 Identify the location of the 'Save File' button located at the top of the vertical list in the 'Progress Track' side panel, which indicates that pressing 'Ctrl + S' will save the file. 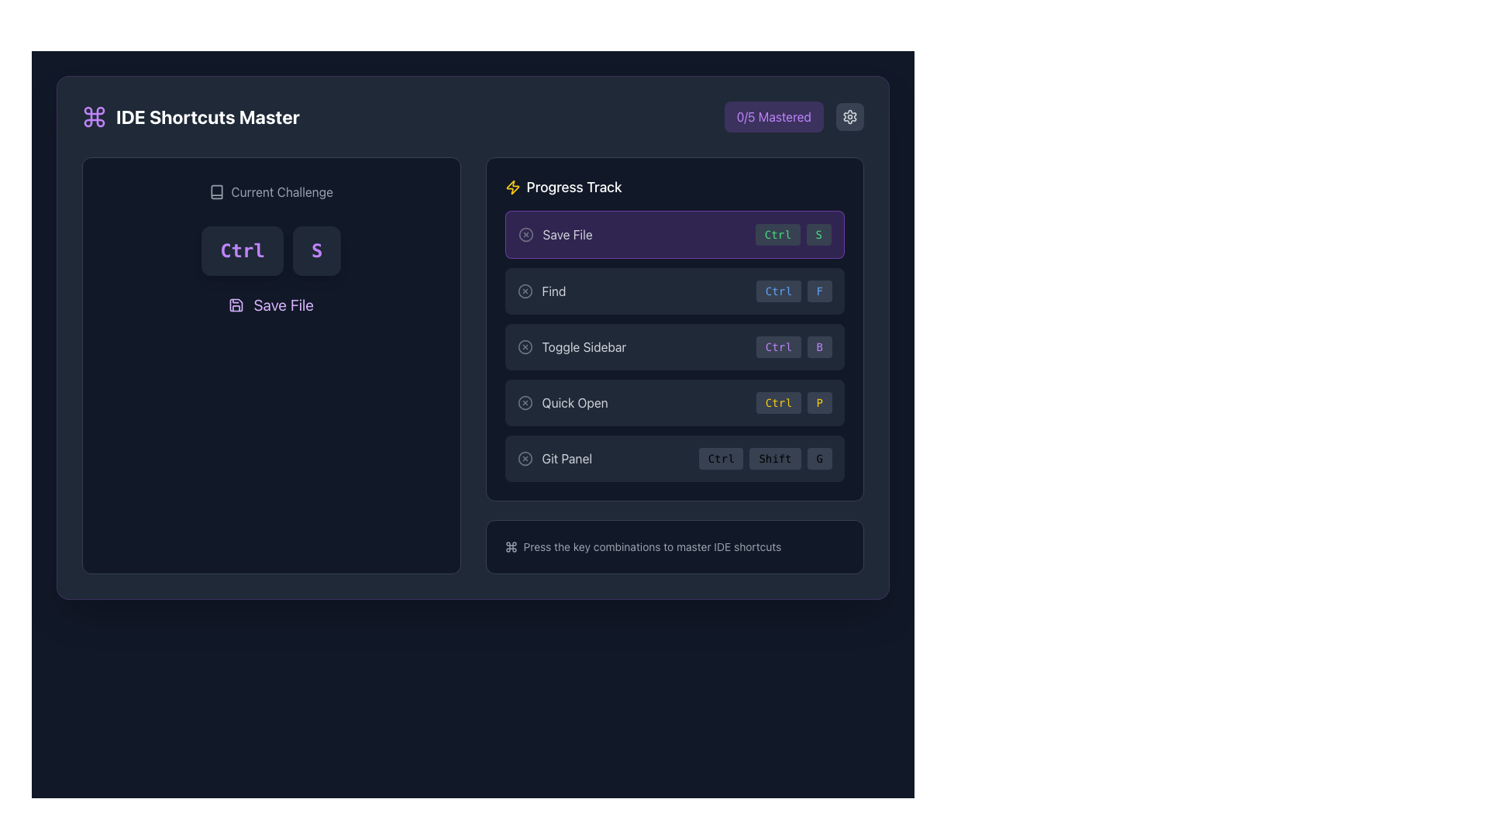
(674, 235).